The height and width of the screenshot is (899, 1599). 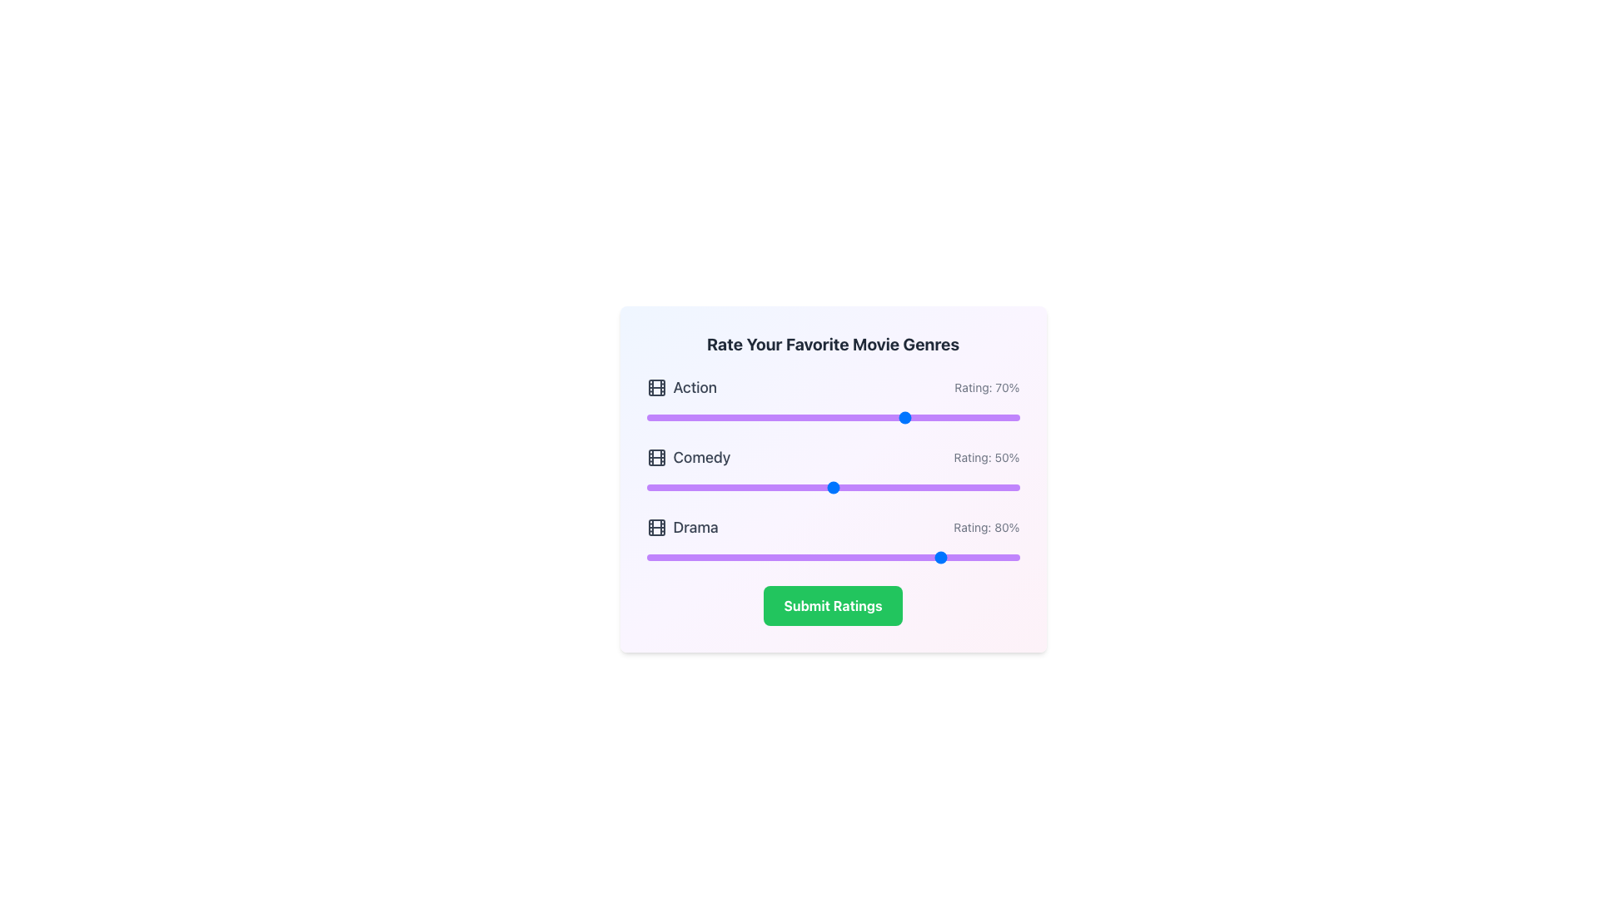 I want to click on the slider value, so click(x=664, y=558).